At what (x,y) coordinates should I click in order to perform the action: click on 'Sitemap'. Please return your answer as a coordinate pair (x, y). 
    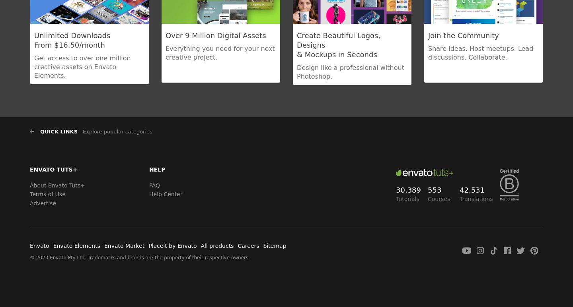
    Looking at the image, I should click on (262, 245).